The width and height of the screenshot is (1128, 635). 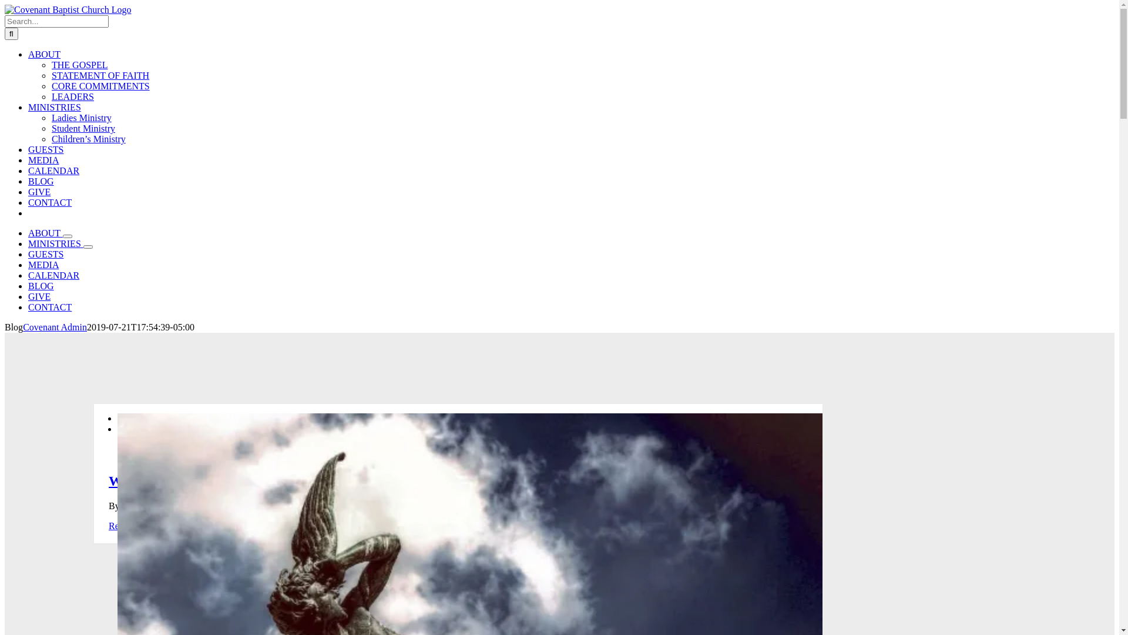 I want to click on 'Covenant Admin', so click(x=22, y=327).